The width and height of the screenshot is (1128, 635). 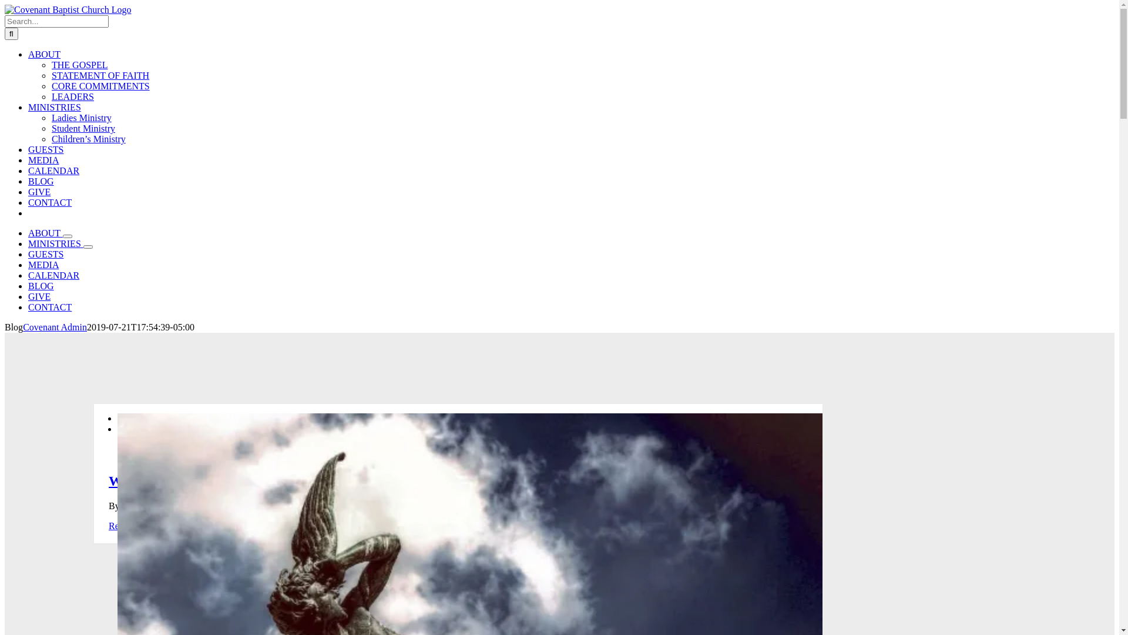 I want to click on 'Covenant Admin', so click(x=22, y=327).